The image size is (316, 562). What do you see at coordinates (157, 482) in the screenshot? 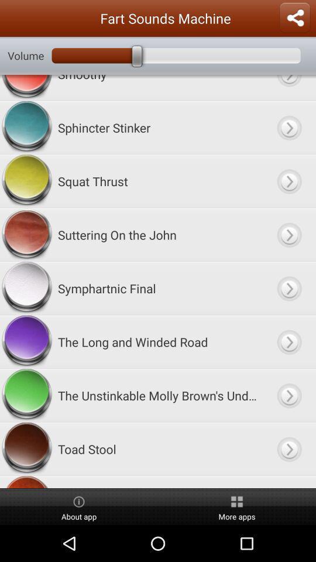
I see `item above the about app` at bounding box center [157, 482].